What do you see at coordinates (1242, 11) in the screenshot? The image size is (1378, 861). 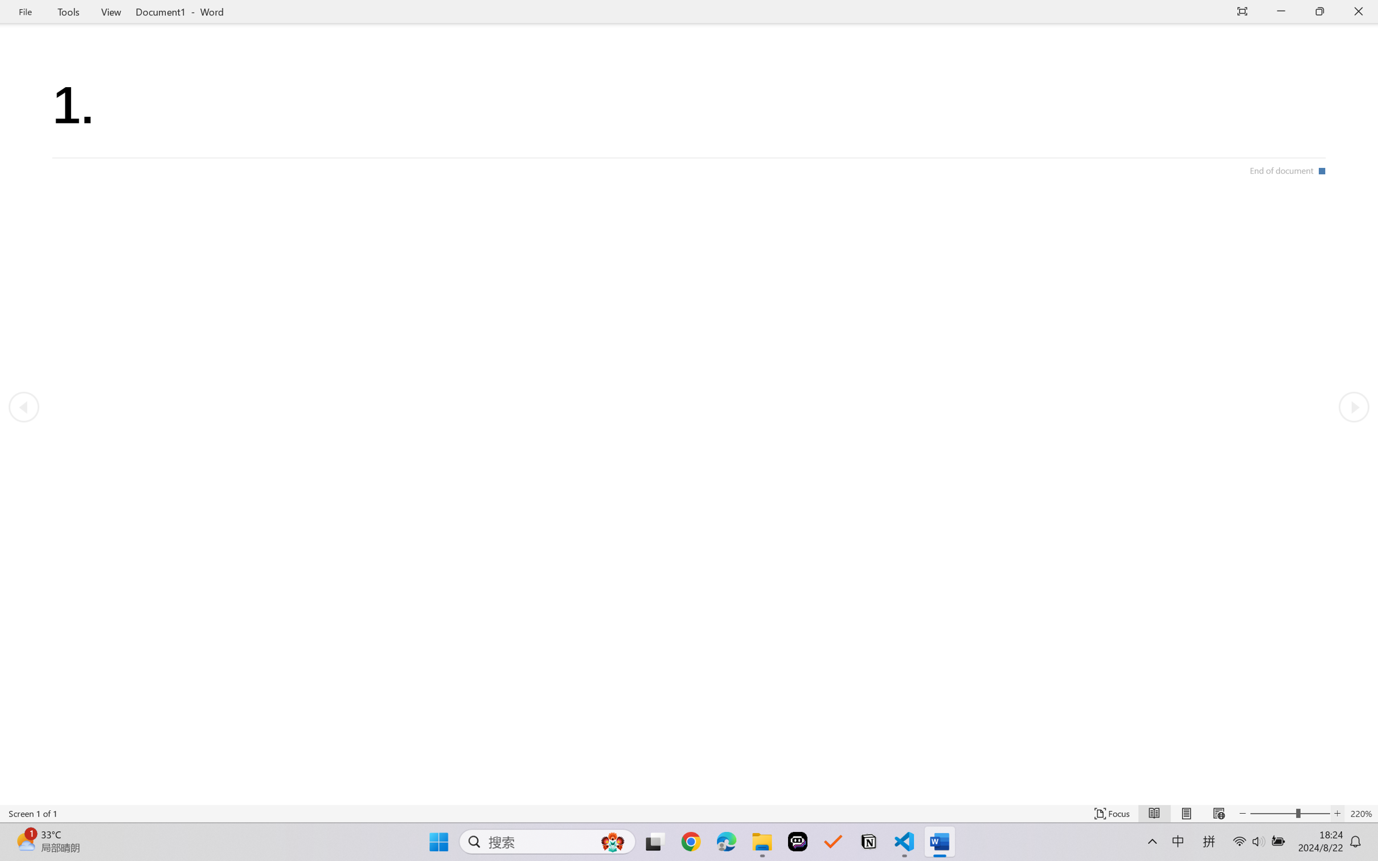 I see `'Auto-hide Reading Toolbar'` at bounding box center [1242, 11].